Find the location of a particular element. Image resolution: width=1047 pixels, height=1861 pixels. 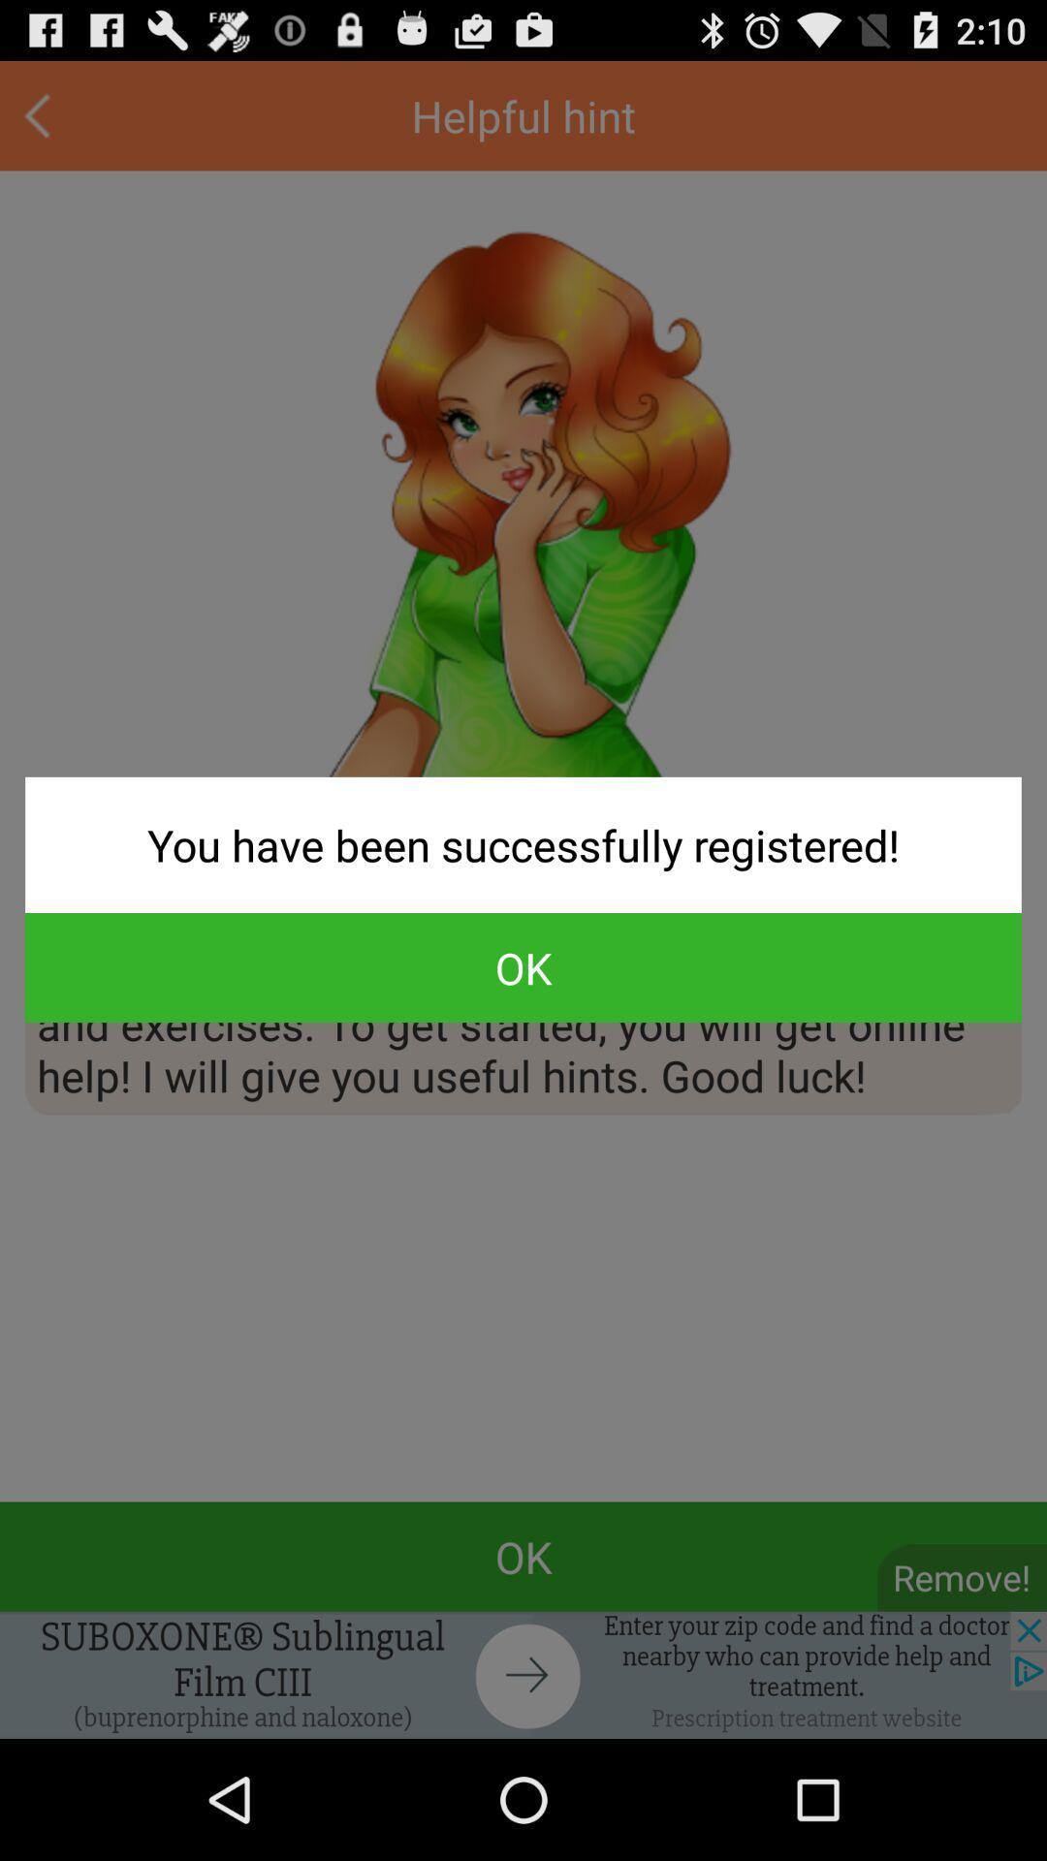

ok item is located at coordinates (523, 967).